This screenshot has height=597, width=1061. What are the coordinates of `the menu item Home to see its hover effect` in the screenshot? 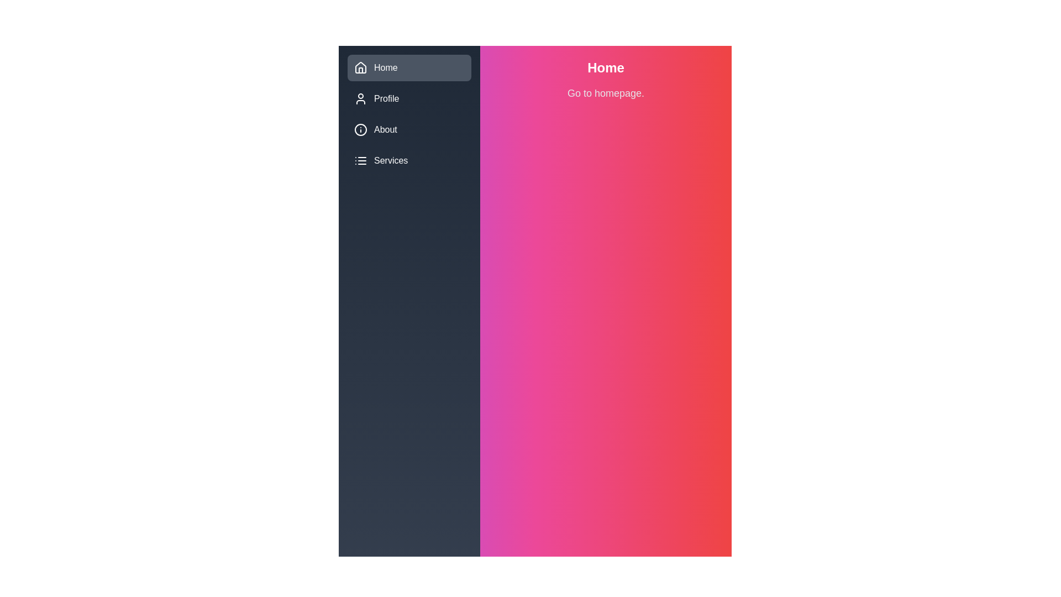 It's located at (408, 68).